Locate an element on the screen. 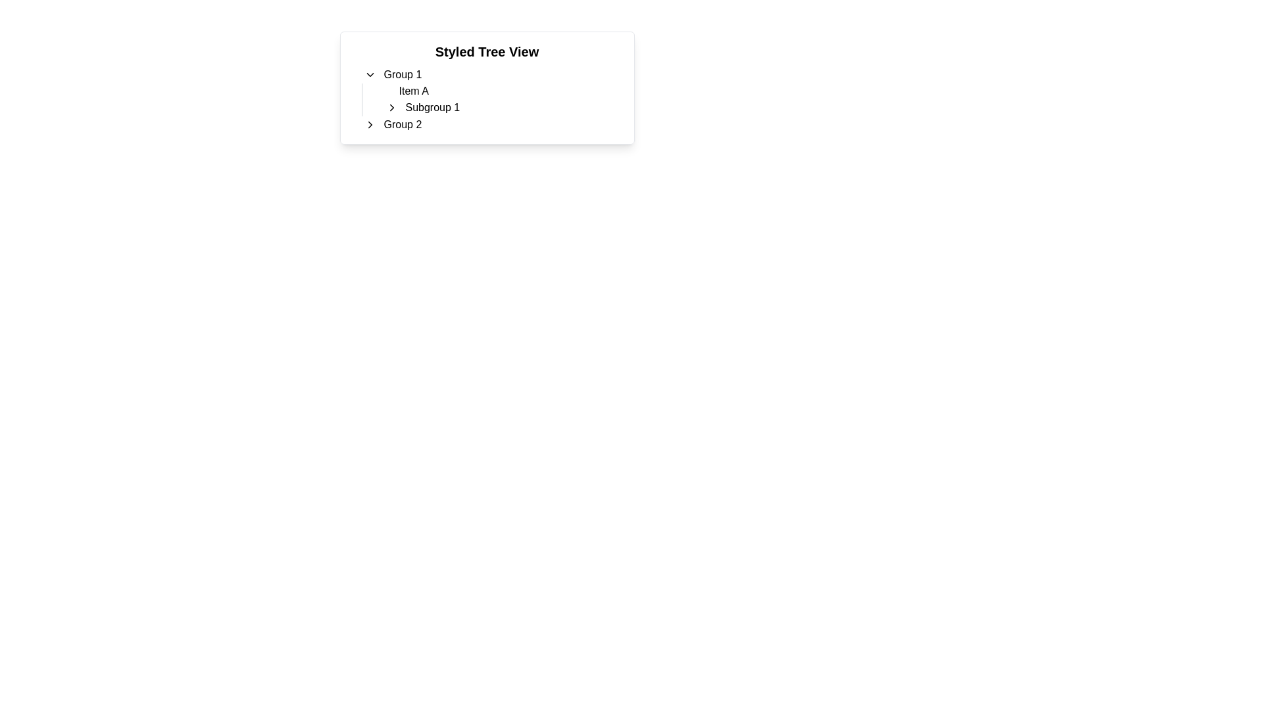 This screenshot has height=710, width=1263. the Icon button located next to the 'Subgroup 1' label under 'Item A' in 'Group 1' is located at coordinates (391, 107).